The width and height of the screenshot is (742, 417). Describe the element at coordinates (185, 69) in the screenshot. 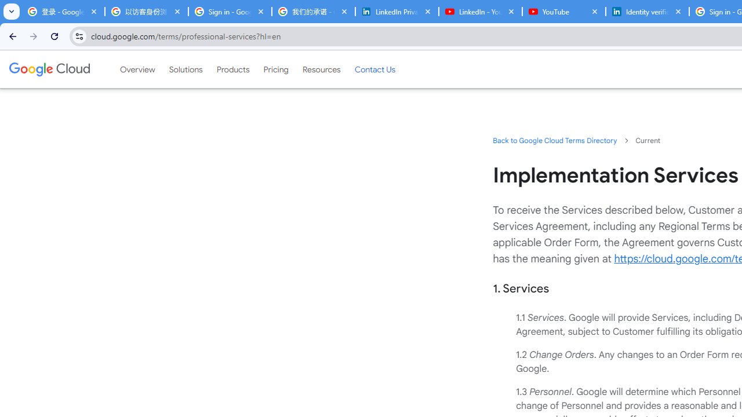

I see `'Solutions'` at that location.